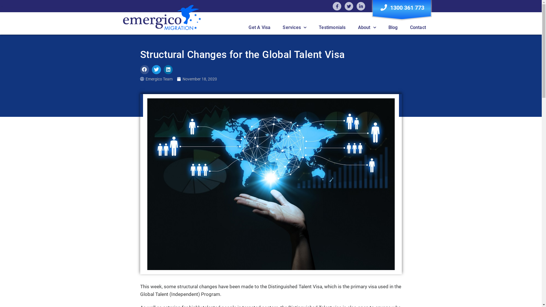  What do you see at coordinates (180, 294) in the screenshot?
I see `'Global Talent (Independent) Program.'` at bounding box center [180, 294].